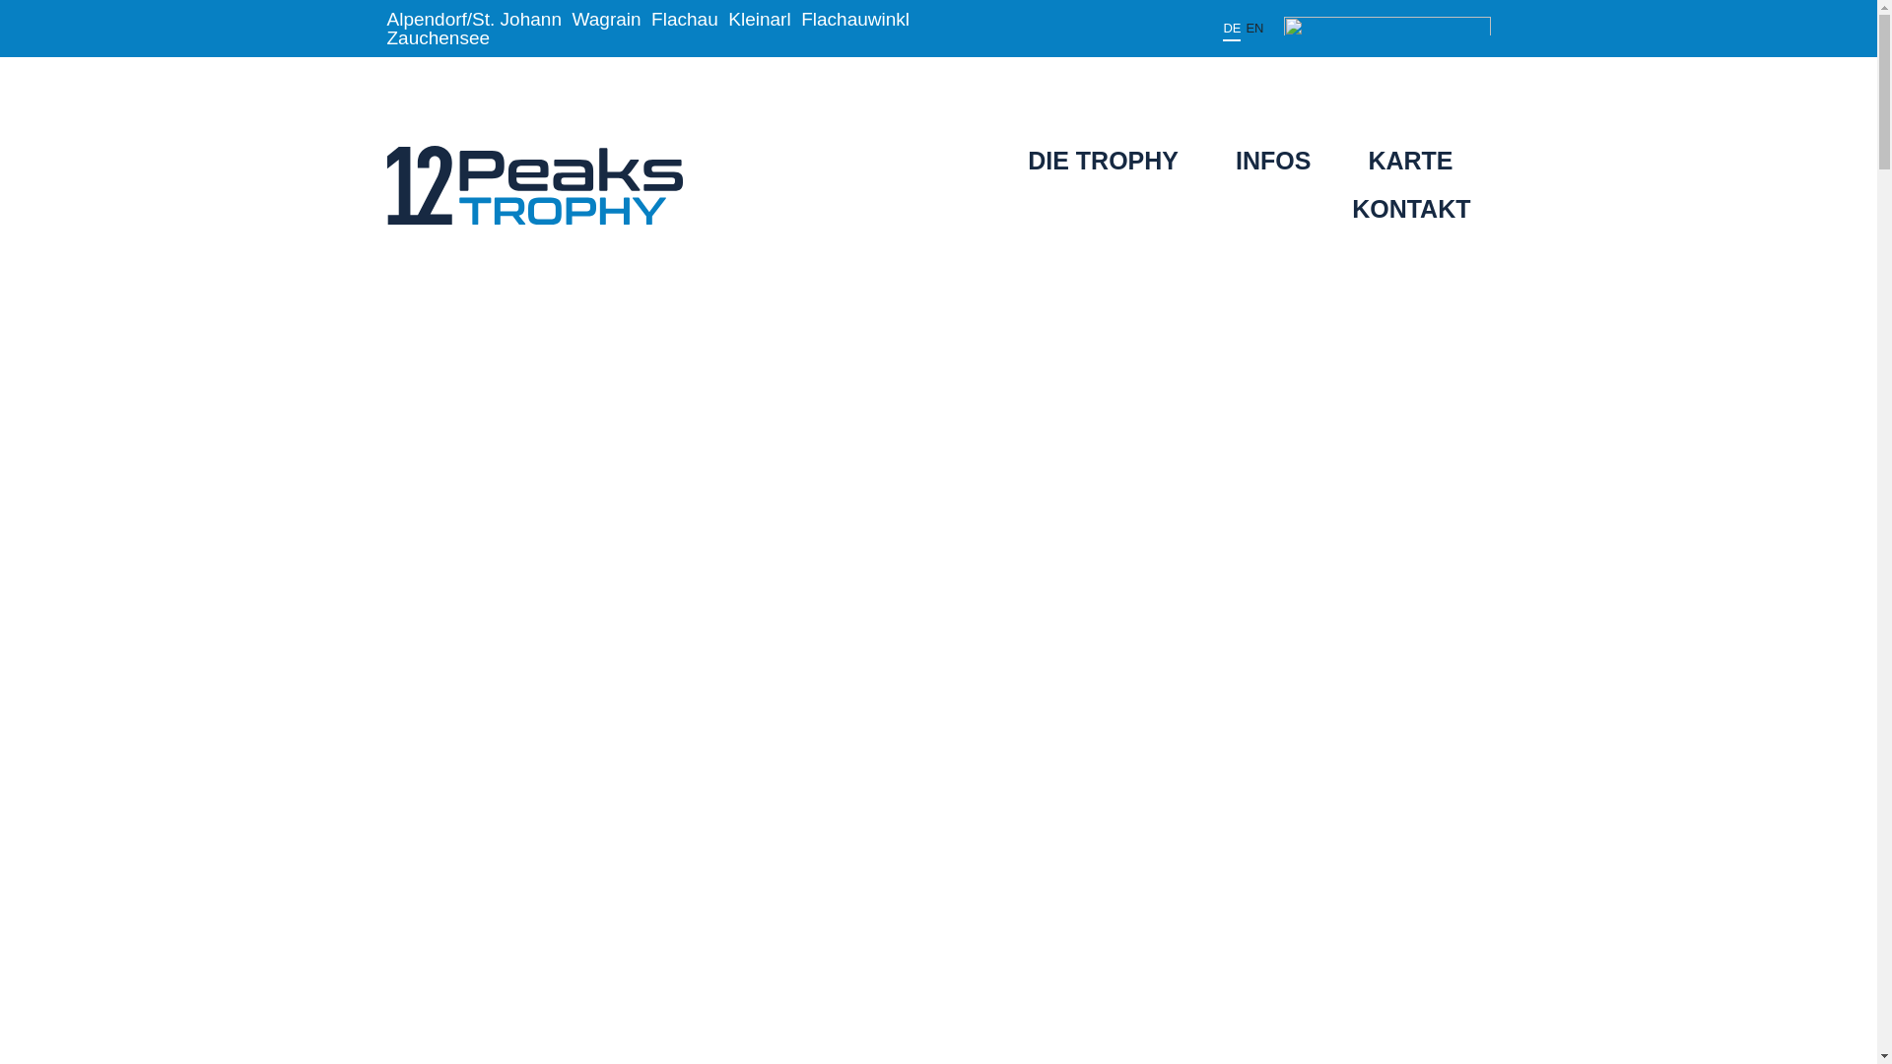  Describe the element at coordinates (1408, 160) in the screenshot. I see `'KARTE'` at that location.